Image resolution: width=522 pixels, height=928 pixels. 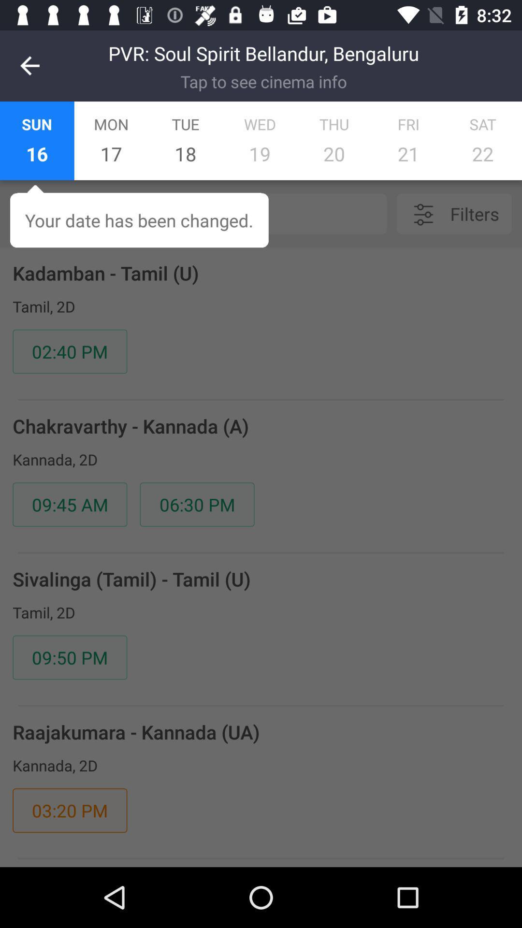 I want to click on icon above the kadamban - tamil (u) icon, so click(x=222, y=213).